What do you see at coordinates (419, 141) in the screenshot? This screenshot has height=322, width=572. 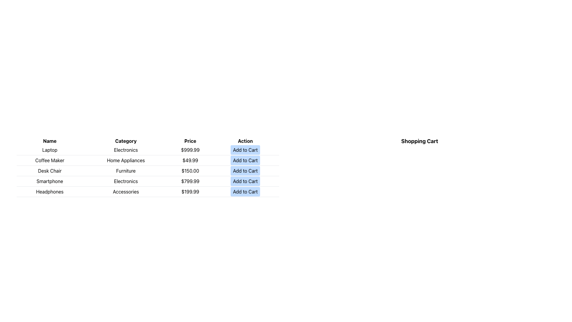 I see `the header text label indicating the shopping cart section, located at the top-middle area of the layout` at bounding box center [419, 141].